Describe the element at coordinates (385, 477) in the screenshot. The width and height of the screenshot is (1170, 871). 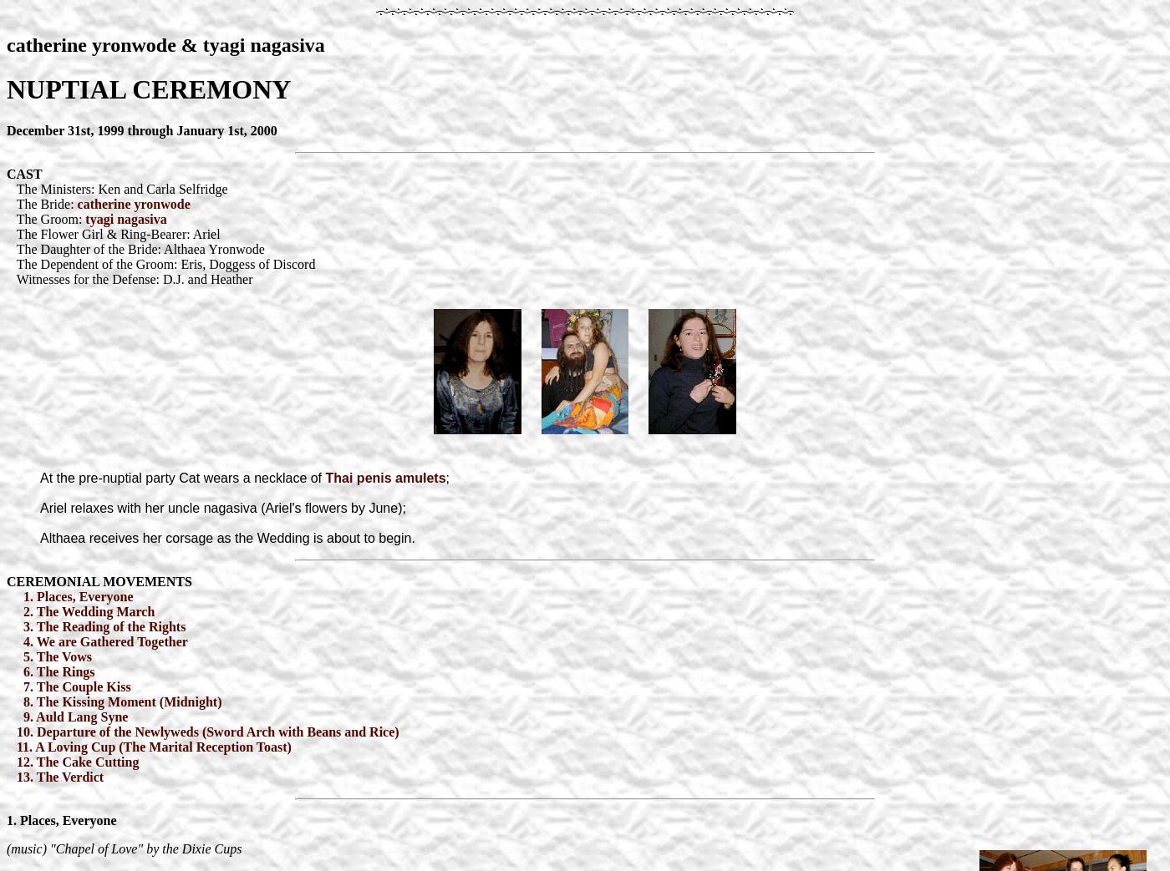
I see `'Thai penis amulets'` at that location.